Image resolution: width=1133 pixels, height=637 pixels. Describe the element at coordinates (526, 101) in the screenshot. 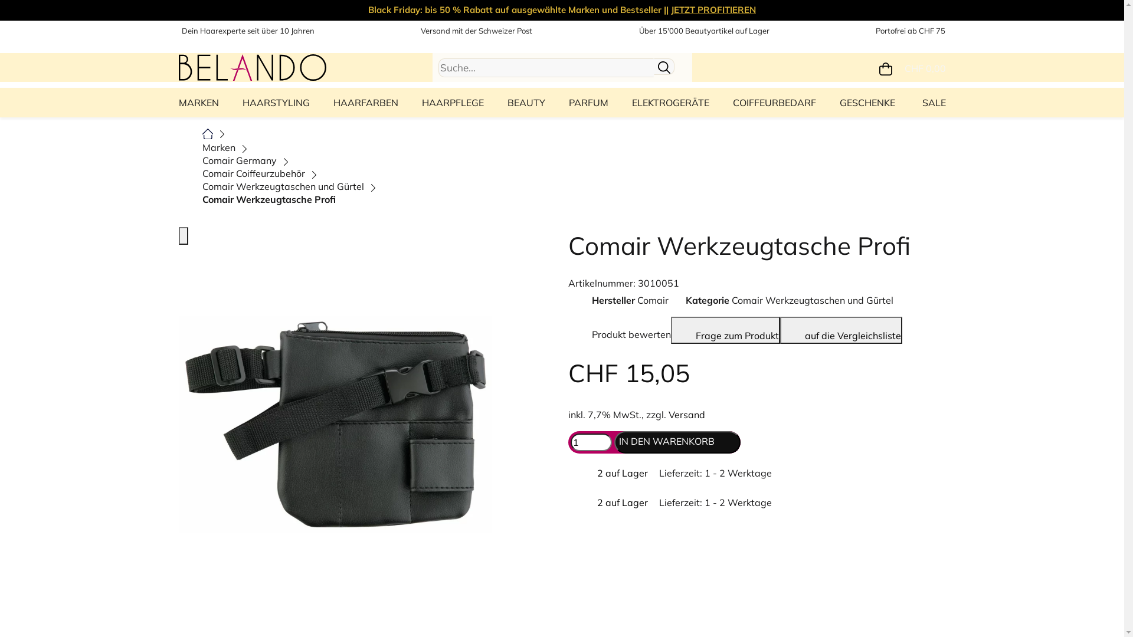

I see `'BEAUTY'` at that location.